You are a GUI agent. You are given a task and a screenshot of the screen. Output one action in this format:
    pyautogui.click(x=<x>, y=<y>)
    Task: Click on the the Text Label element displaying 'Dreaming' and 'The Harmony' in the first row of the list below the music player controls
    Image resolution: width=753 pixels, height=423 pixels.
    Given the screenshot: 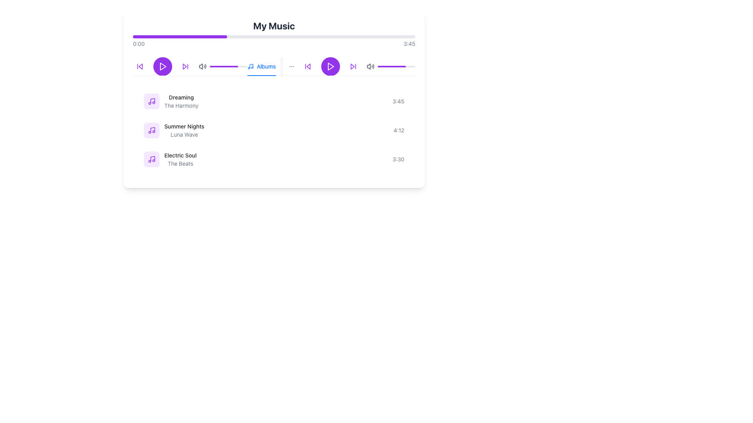 What is the action you would take?
    pyautogui.click(x=181, y=101)
    